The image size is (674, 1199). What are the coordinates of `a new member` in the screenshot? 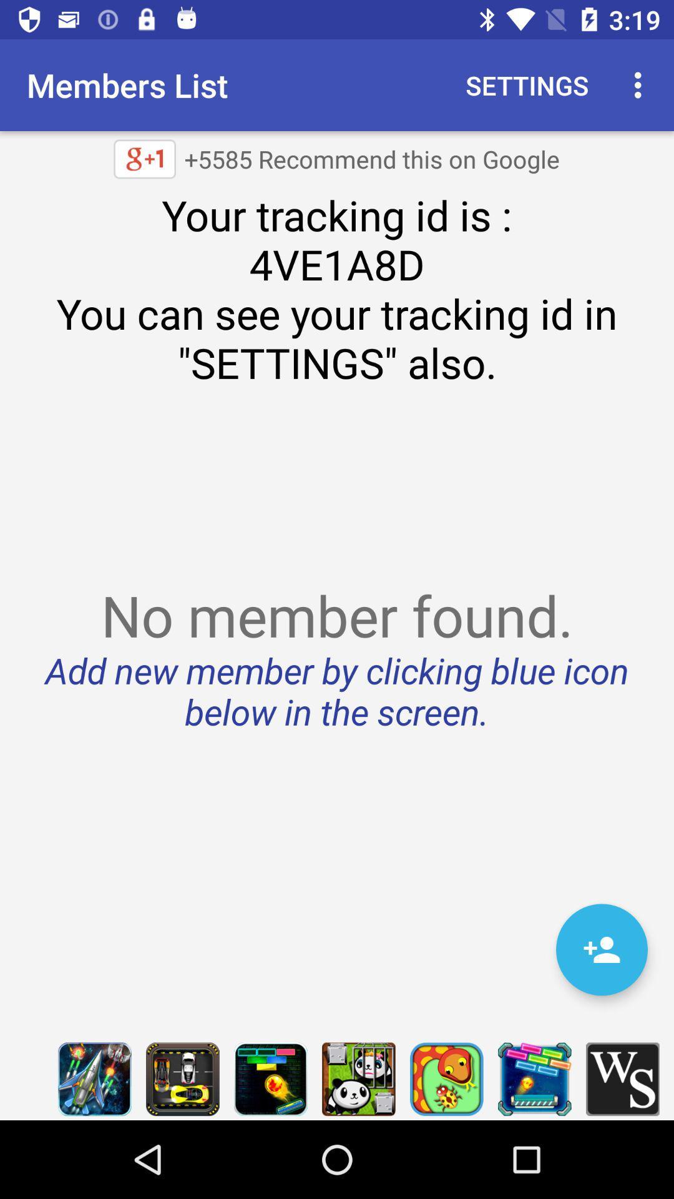 It's located at (601, 949).